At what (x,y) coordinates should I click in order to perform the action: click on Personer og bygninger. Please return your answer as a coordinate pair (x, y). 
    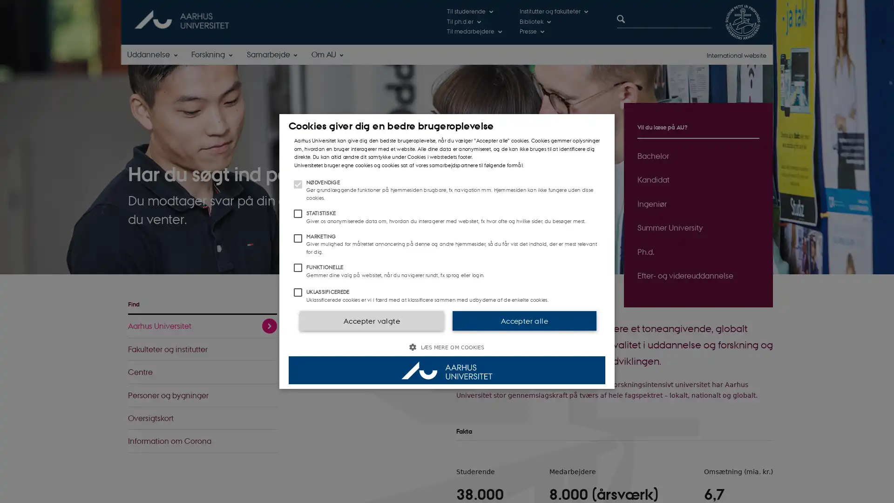
    Looking at the image, I should click on (202, 395).